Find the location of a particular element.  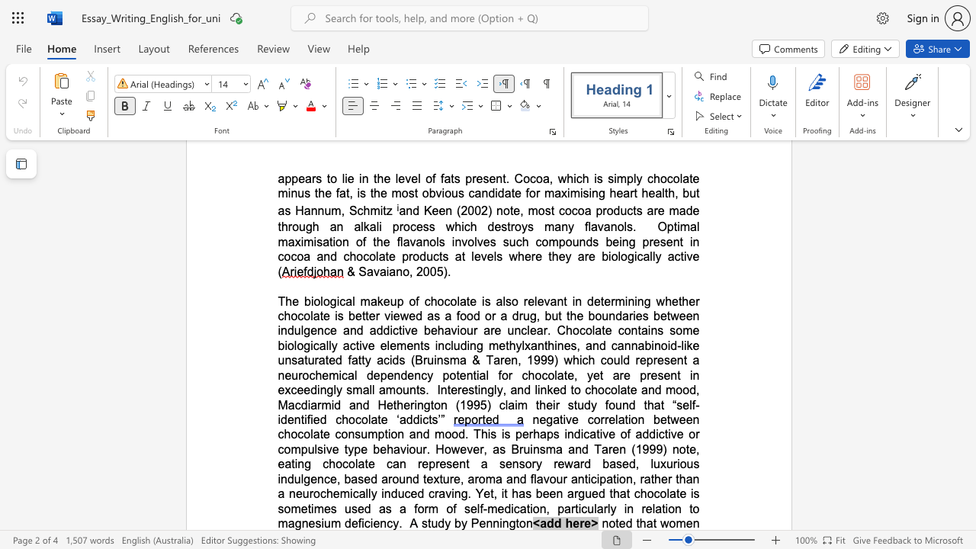

the subset text "re>" within the text "<add here>" is located at coordinates (579, 522).